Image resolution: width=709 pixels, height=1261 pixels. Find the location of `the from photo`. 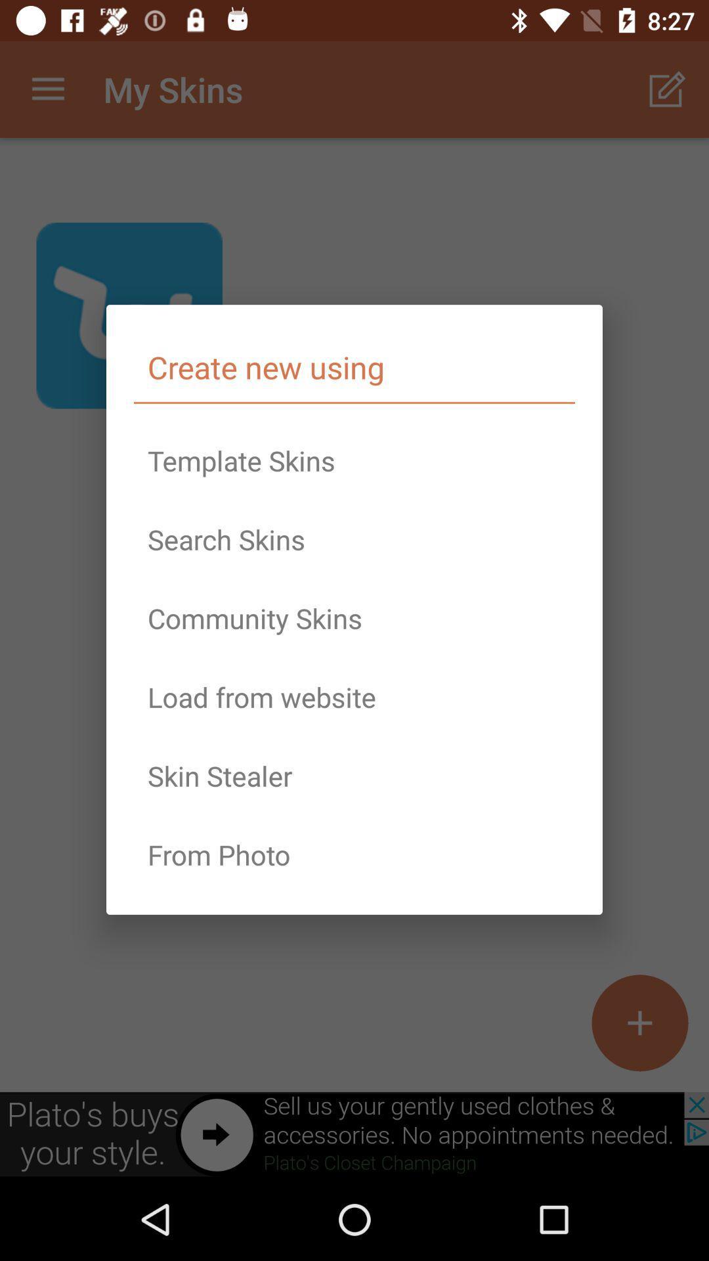

the from photo is located at coordinates (354, 854).